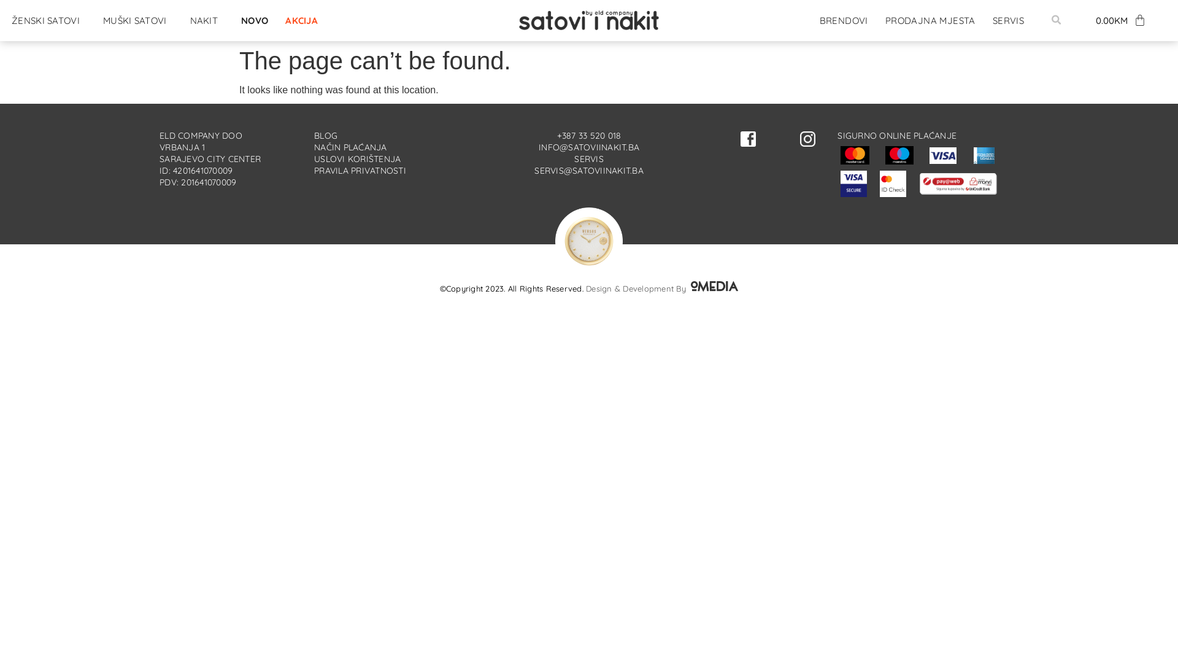  What do you see at coordinates (359, 170) in the screenshot?
I see `'PRAVILA PRIVATNOSTI'` at bounding box center [359, 170].